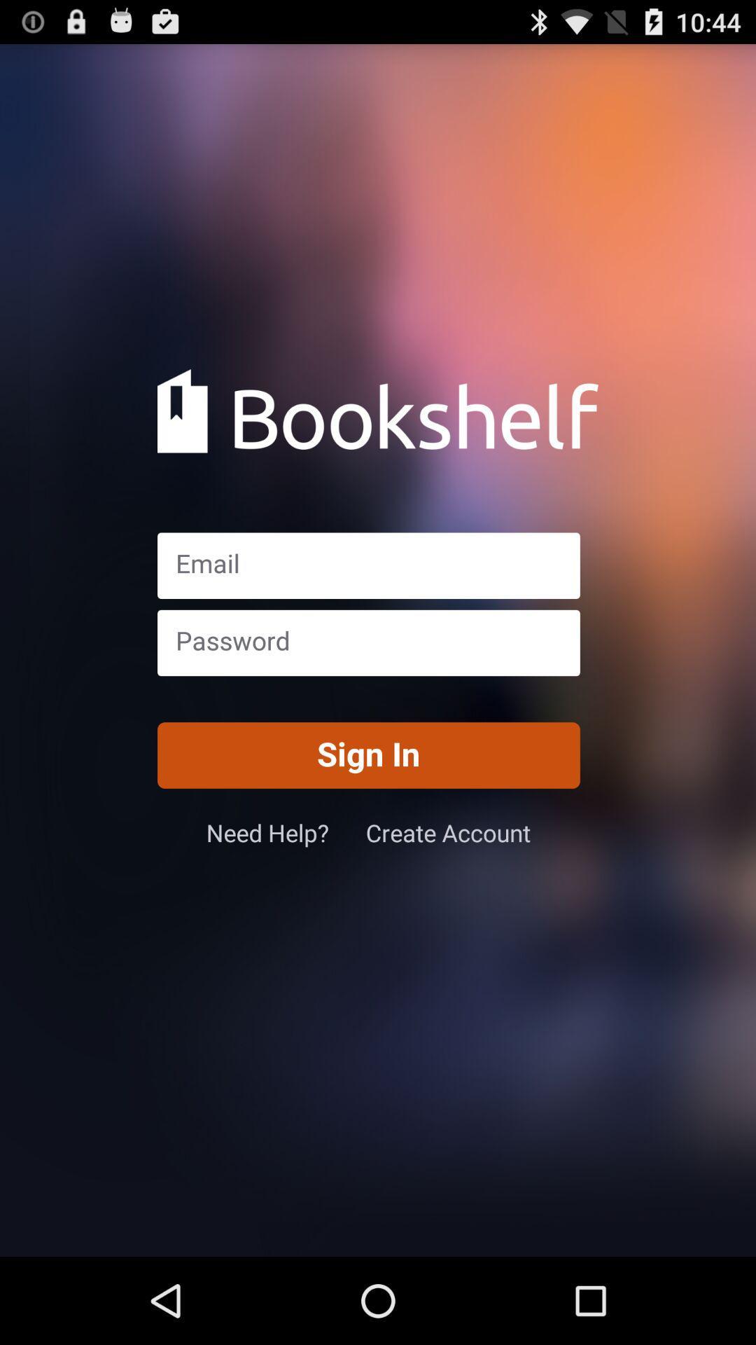 This screenshot has width=756, height=1345. What do you see at coordinates (448, 832) in the screenshot?
I see `the create account button` at bounding box center [448, 832].